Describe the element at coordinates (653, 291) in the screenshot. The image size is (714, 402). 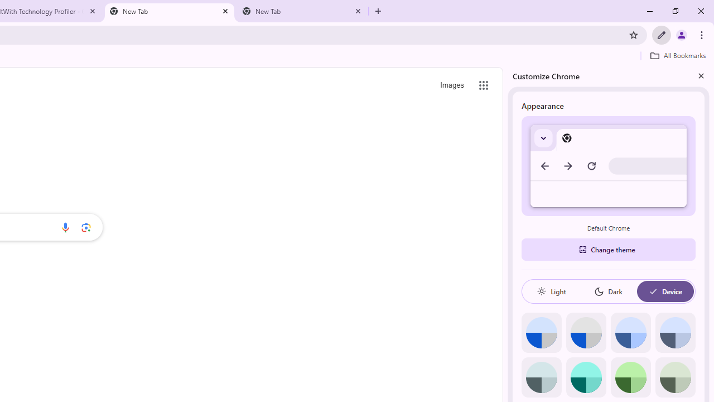
I see `'AutomationID: baseSvg'` at that location.